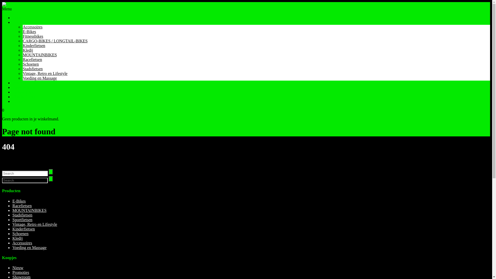 The width and height of the screenshot is (496, 279). Describe the element at coordinates (22, 215) in the screenshot. I see `'Stadsfietsen'` at that location.